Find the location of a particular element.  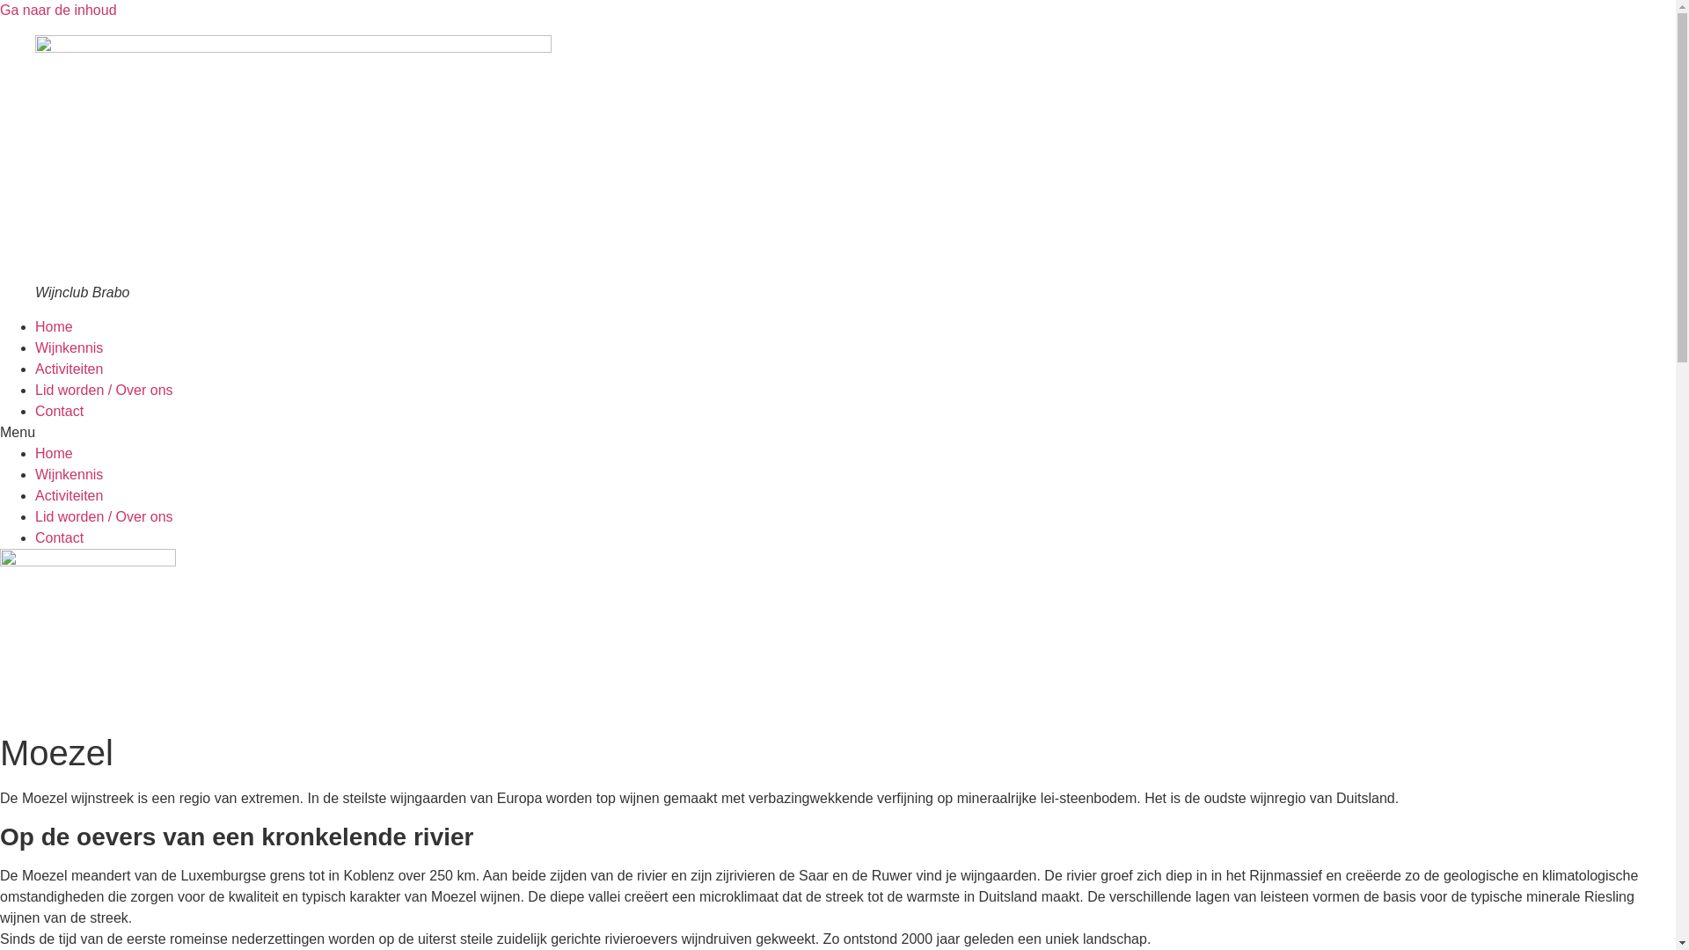

'Activiteiten' is located at coordinates (69, 495).